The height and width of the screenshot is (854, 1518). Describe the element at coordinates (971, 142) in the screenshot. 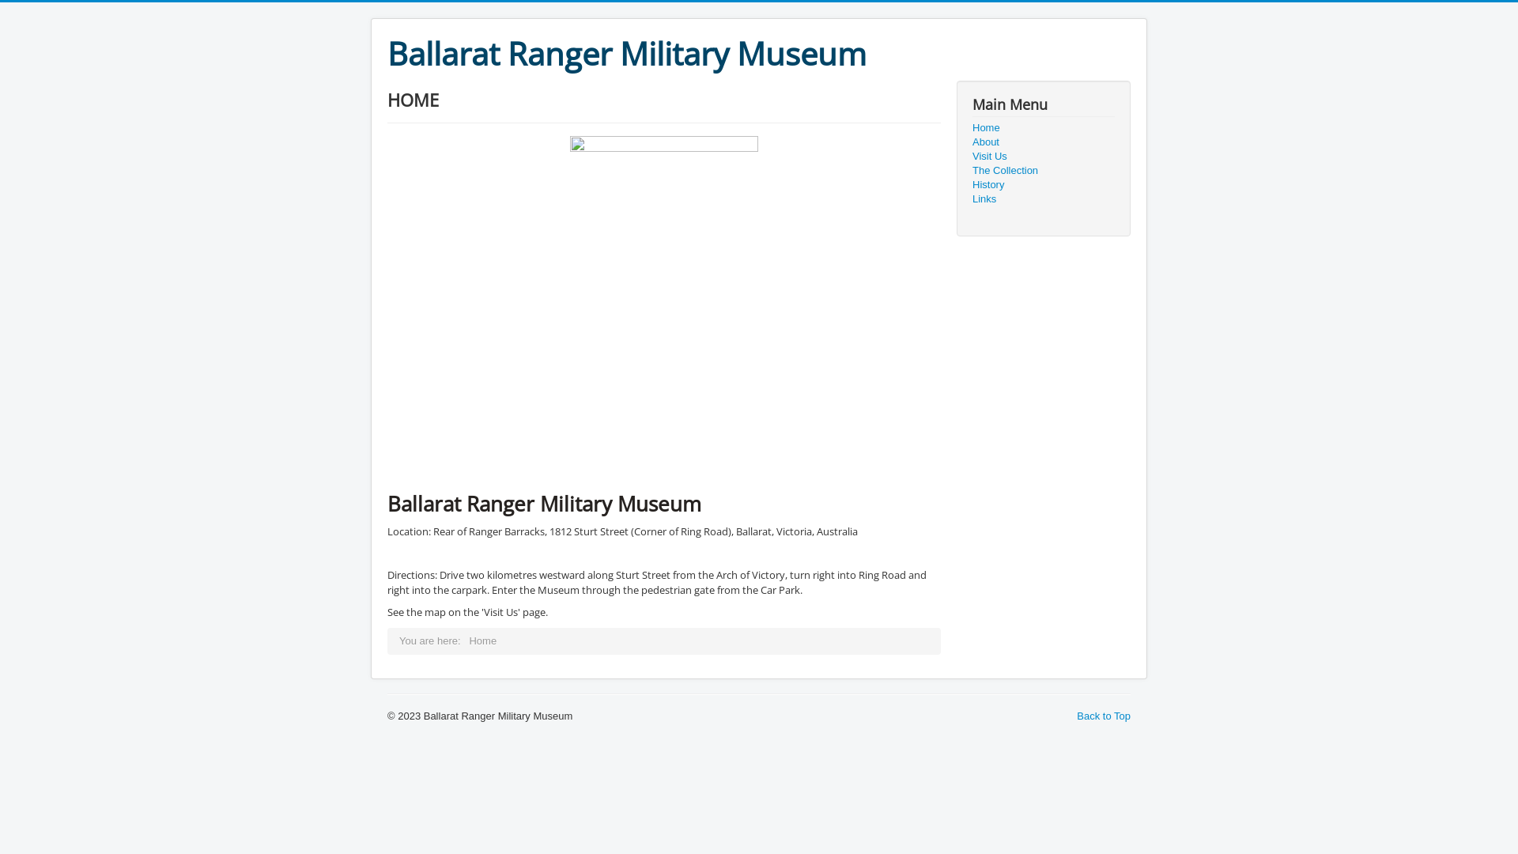

I see `'About'` at that location.